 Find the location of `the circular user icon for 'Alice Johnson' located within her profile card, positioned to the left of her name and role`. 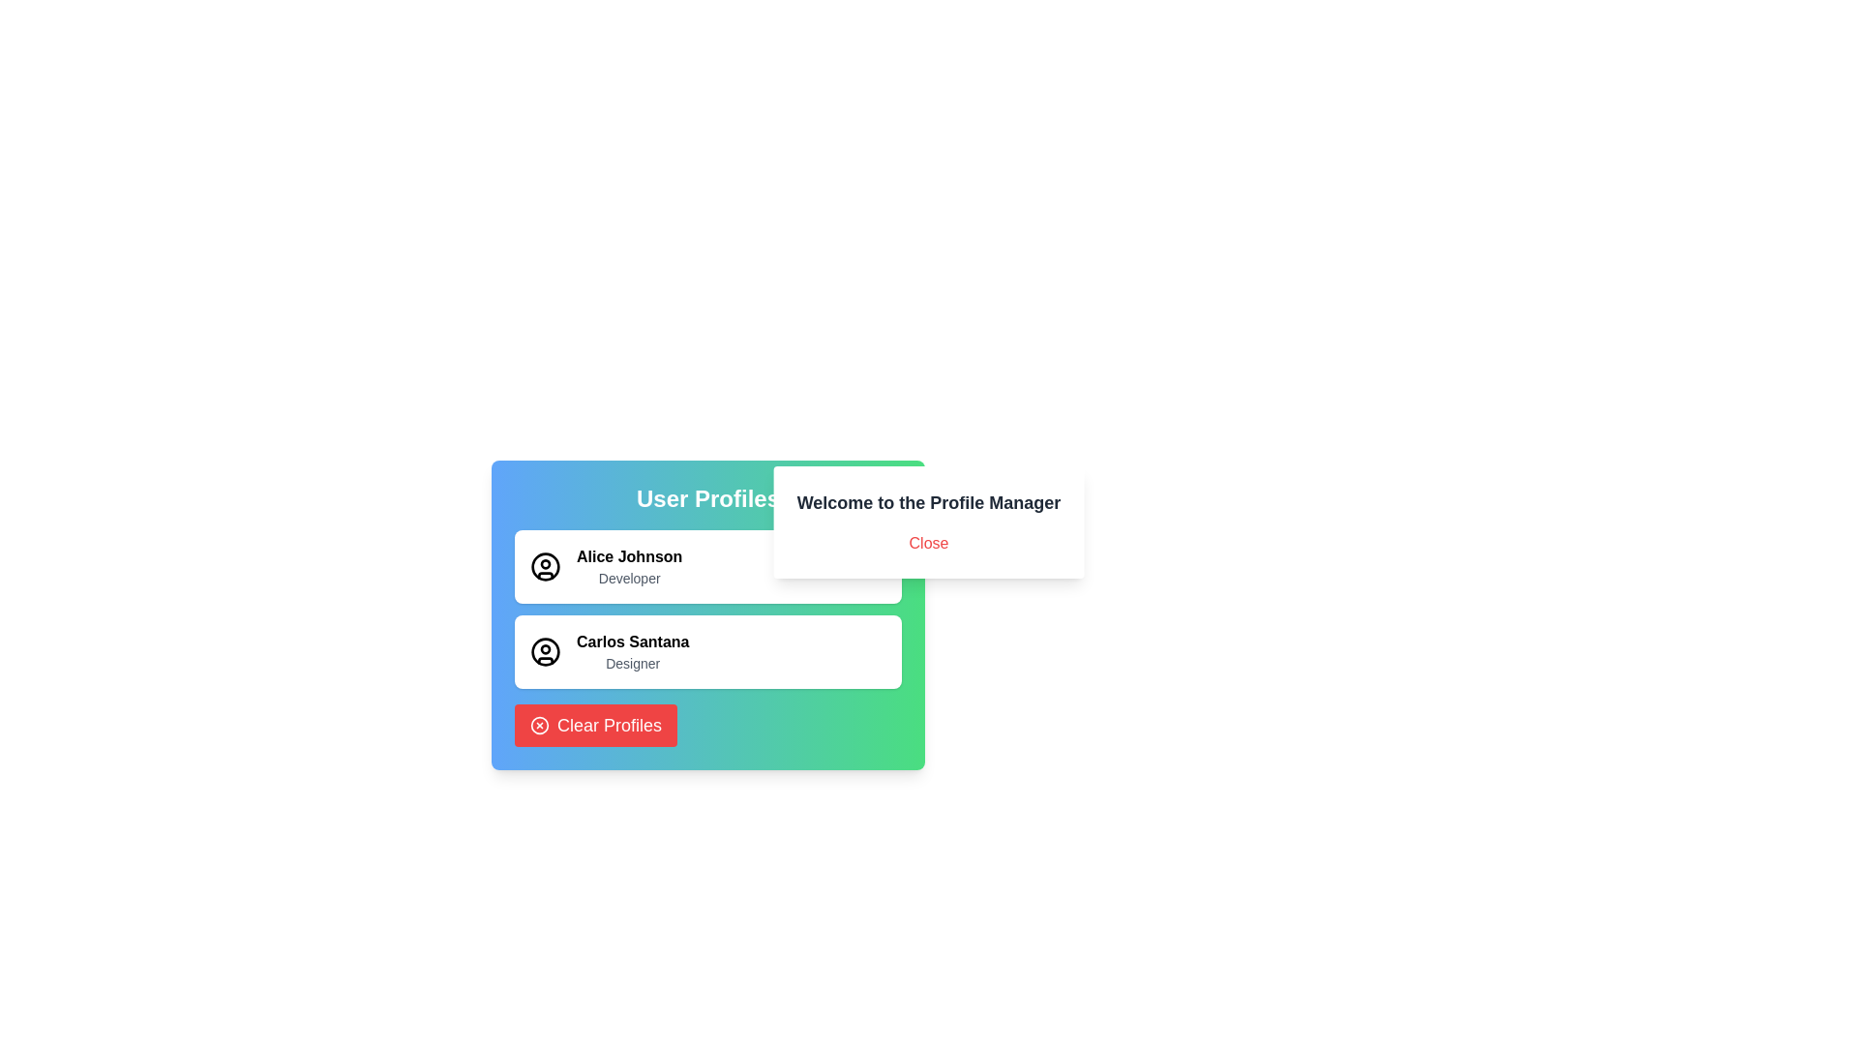

the circular user icon for 'Alice Johnson' located within her profile card, positioned to the left of her name and role is located at coordinates (545, 566).